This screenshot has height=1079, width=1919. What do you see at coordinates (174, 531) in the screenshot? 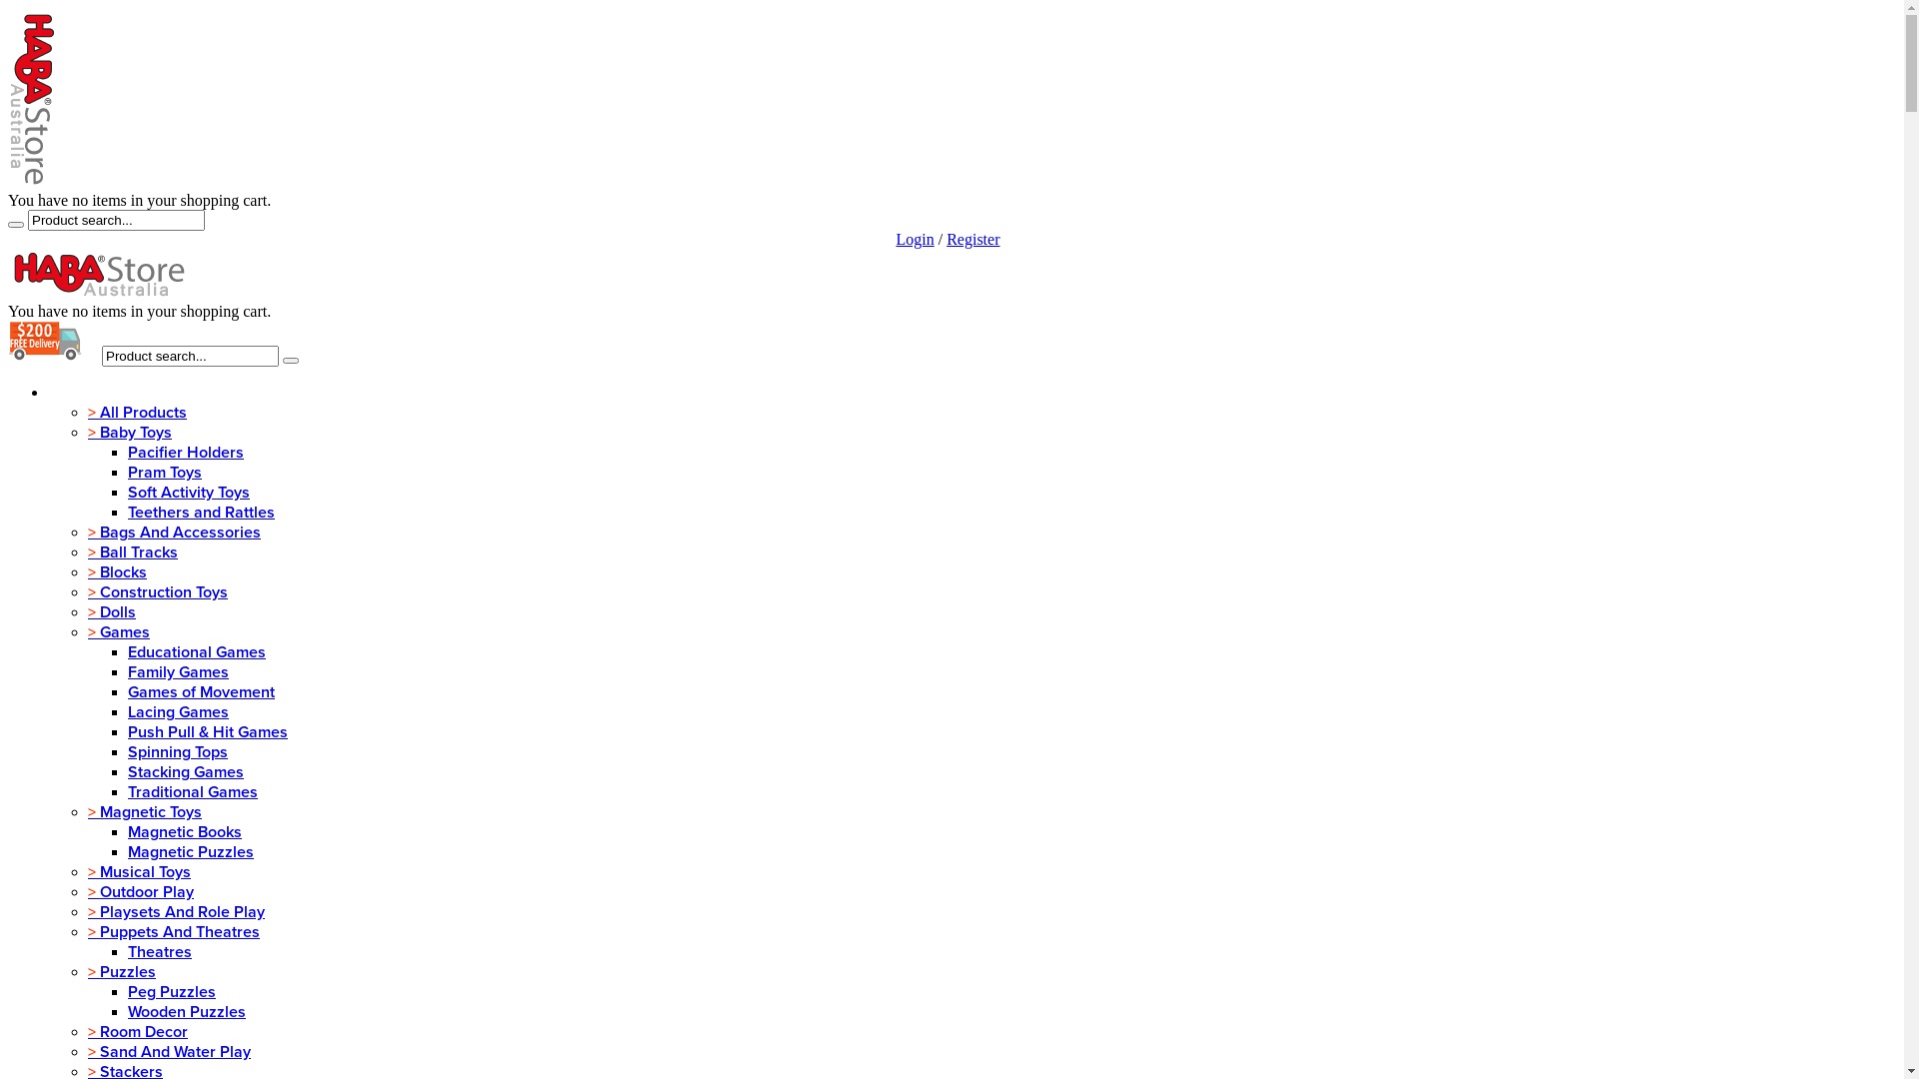
I see `'> Bags And Accessories'` at bounding box center [174, 531].